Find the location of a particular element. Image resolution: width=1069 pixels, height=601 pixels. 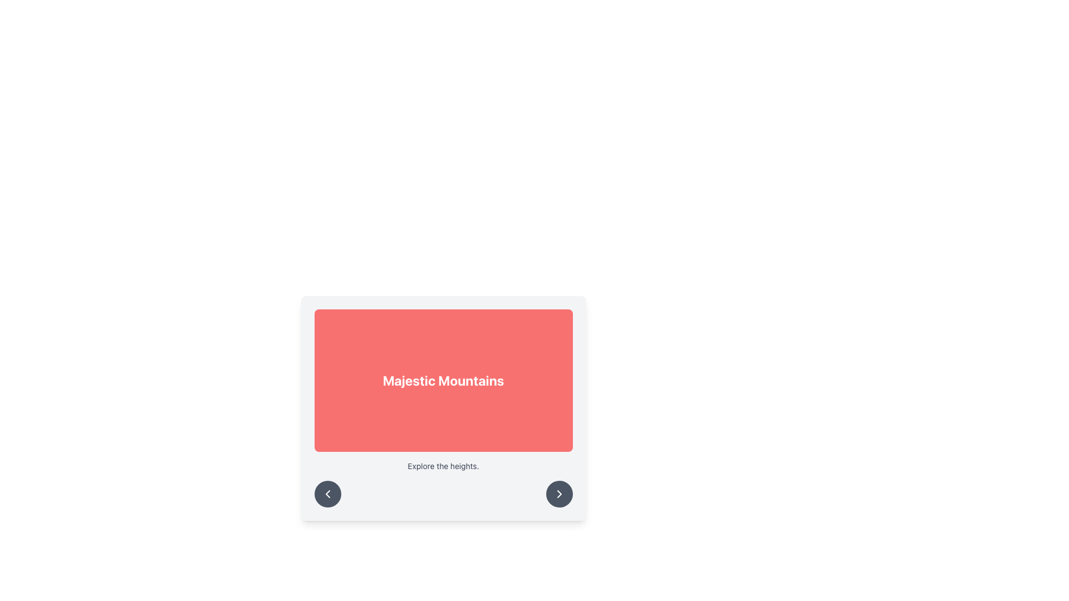

the rightward-pointing chevron icon located at the center of the circular button on the bottom right corner of the card UI is located at coordinates (559, 493).